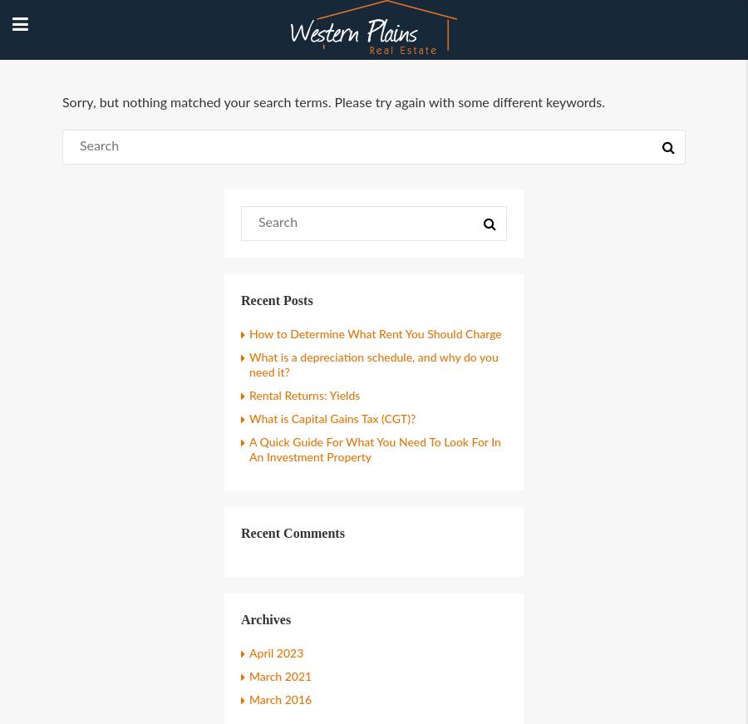 The height and width of the screenshot is (724, 748). Describe the element at coordinates (332, 418) in the screenshot. I see `'What is Capital Gains Tax (CGT)?'` at that location.